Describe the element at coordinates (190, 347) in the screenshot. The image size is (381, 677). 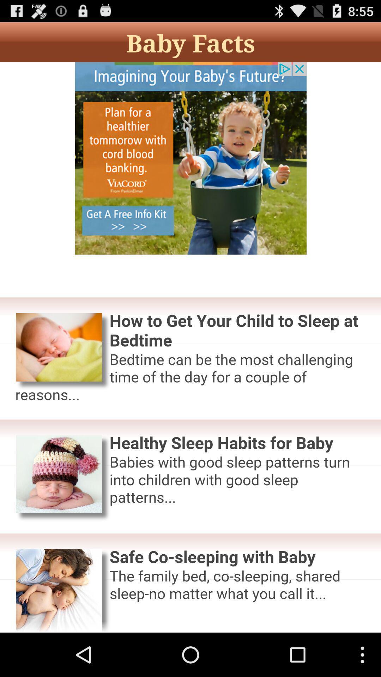
I see `advertisement top short articles bottom` at that location.